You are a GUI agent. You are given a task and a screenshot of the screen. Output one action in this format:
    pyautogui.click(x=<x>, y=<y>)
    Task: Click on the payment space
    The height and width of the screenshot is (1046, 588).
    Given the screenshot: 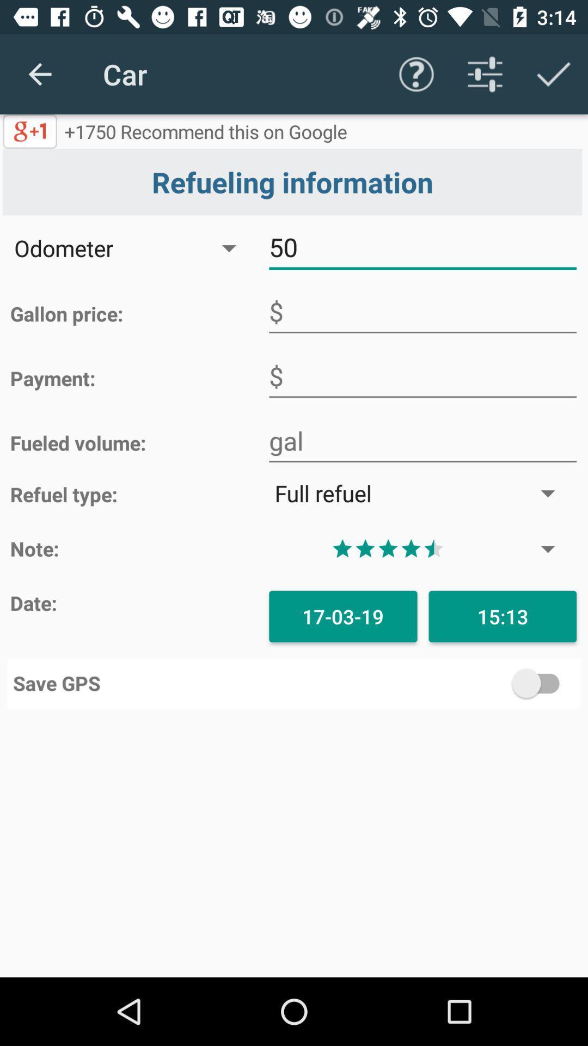 What is the action you would take?
    pyautogui.click(x=422, y=376)
    